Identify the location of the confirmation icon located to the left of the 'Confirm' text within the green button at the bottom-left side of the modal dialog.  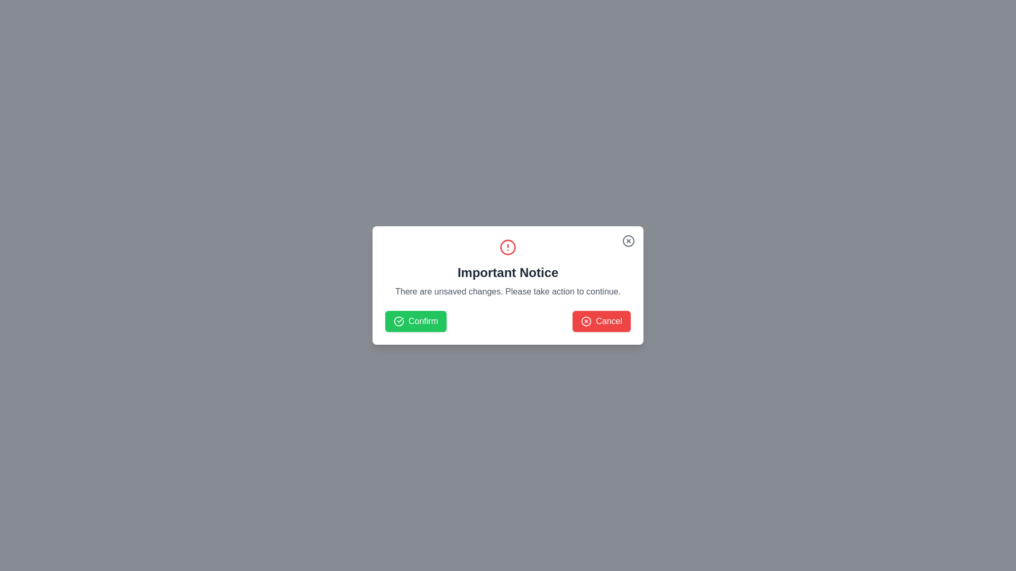
(398, 321).